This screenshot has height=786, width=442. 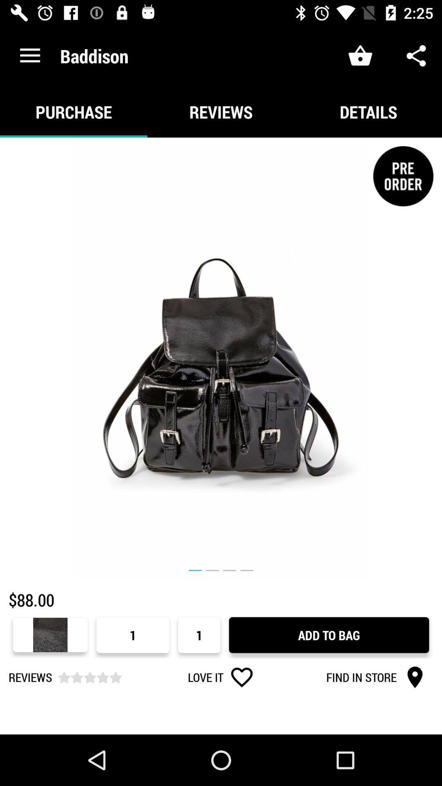 I want to click on the icon to the left of the baddison item, so click(x=29, y=55).